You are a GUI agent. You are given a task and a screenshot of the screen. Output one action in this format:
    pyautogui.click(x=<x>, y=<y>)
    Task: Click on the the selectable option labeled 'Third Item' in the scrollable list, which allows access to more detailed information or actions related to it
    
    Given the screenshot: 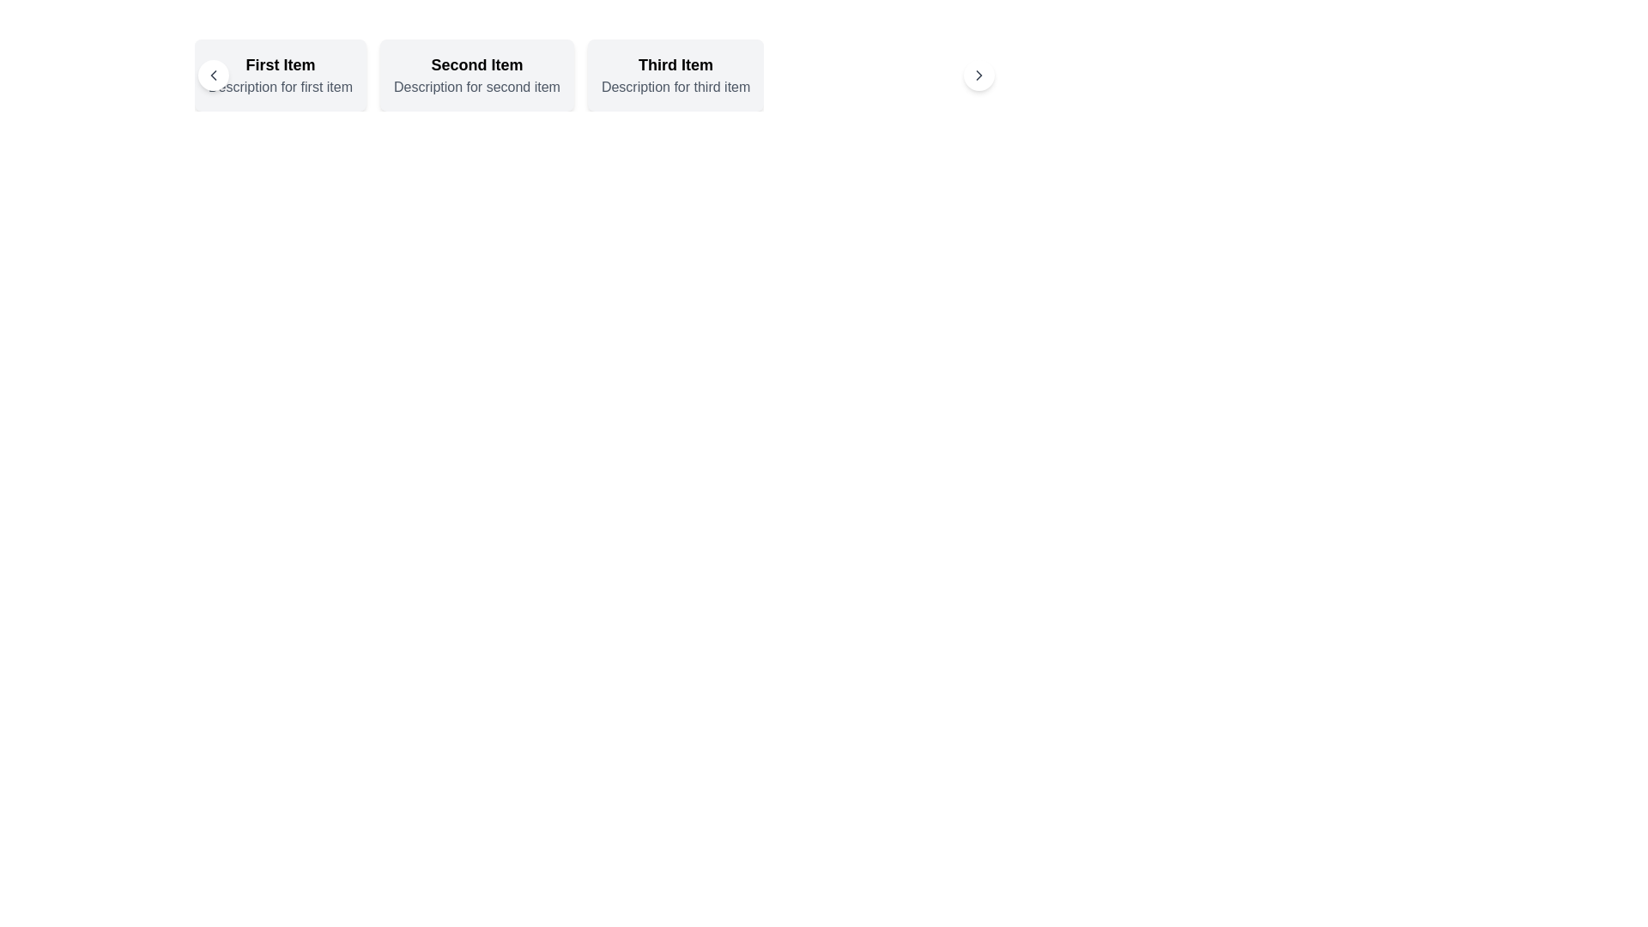 What is the action you would take?
    pyautogui.click(x=597, y=75)
    